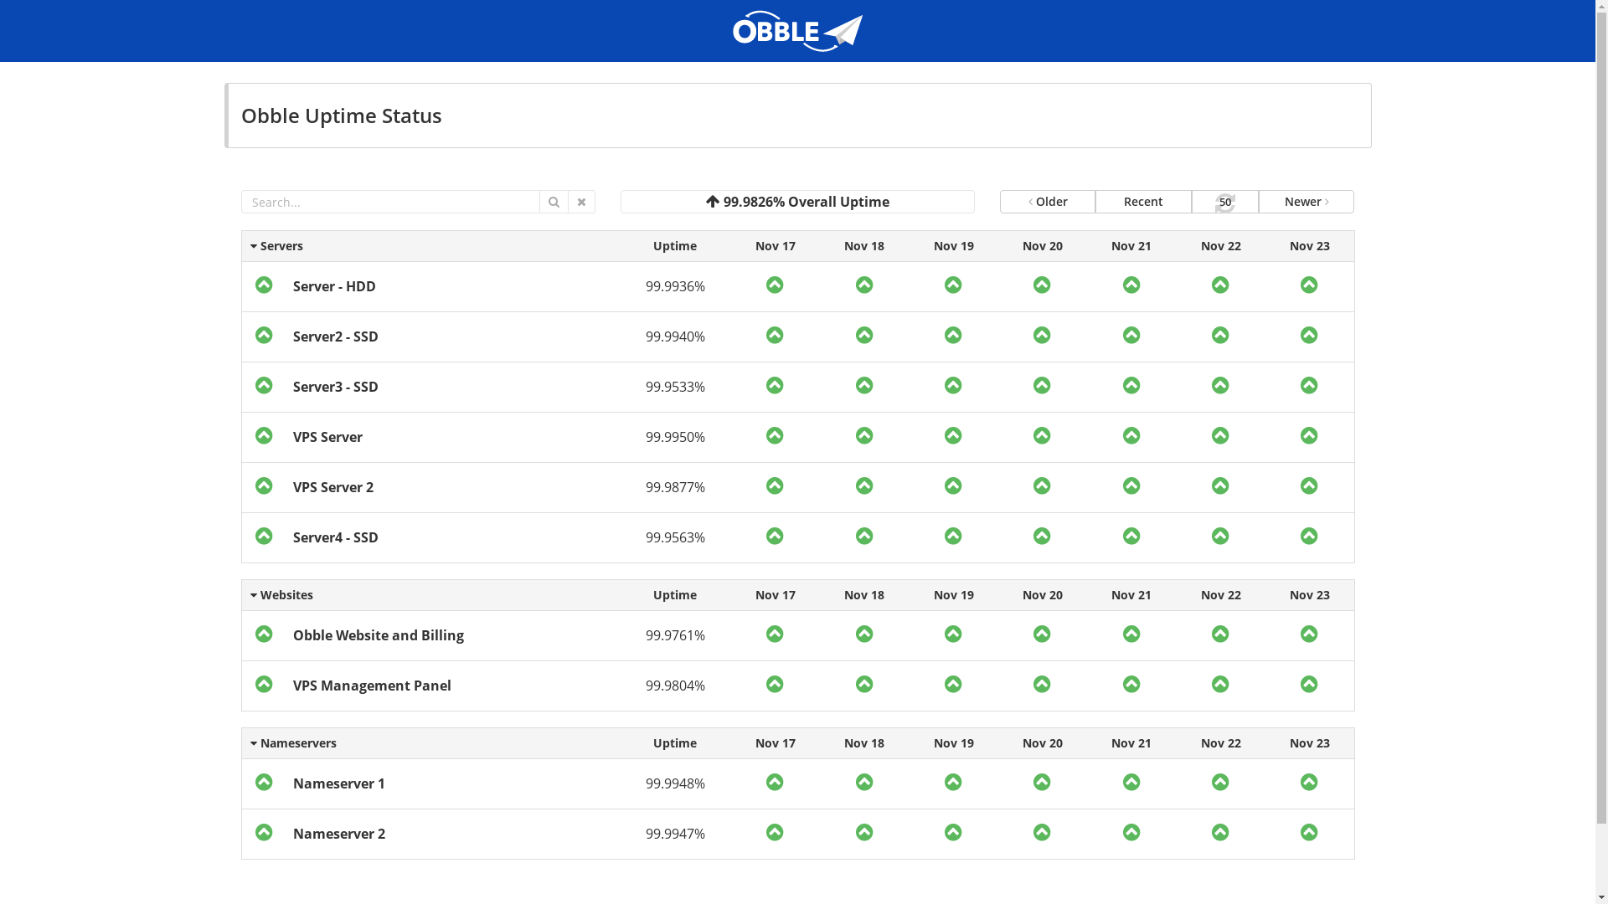 This screenshot has height=904, width=1608. I want to click on '99.9947%', so click(675, 833).